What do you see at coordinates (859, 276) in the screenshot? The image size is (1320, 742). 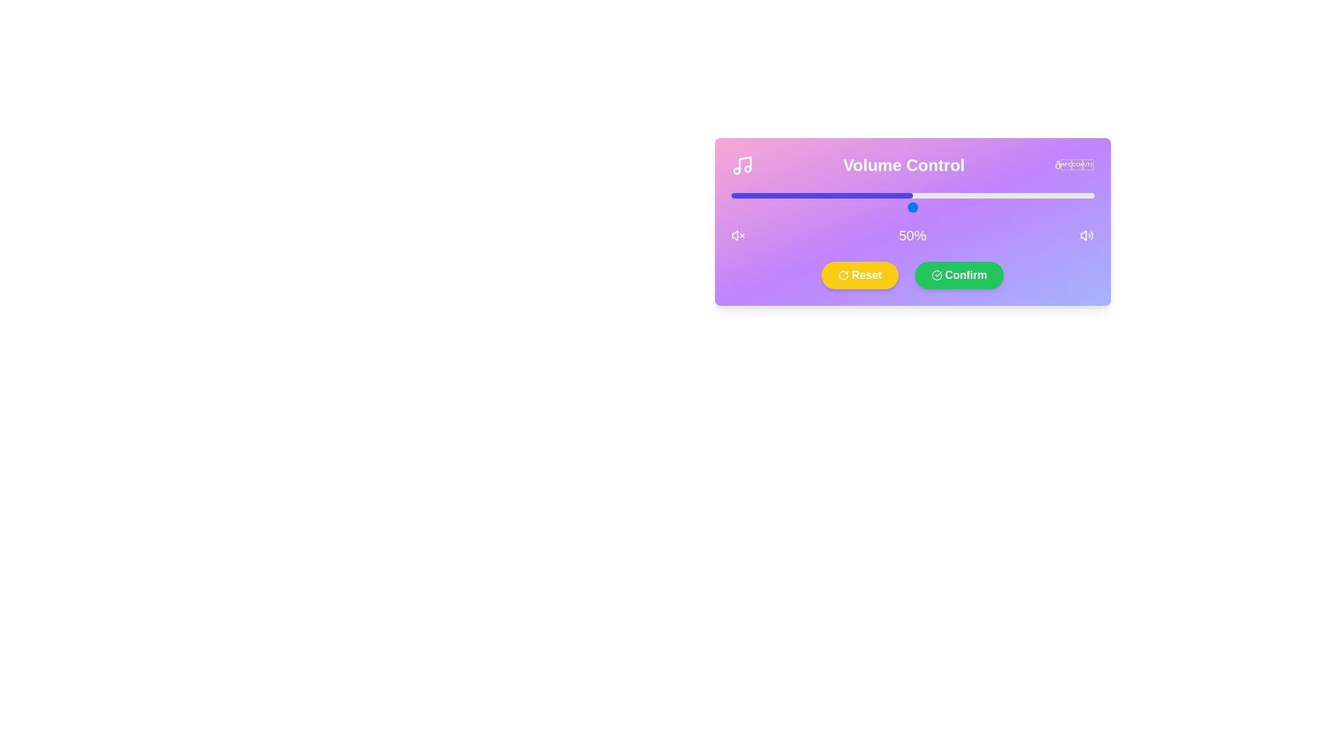 I see `the left button in the volume control interface` at bounding box center [859, 276].